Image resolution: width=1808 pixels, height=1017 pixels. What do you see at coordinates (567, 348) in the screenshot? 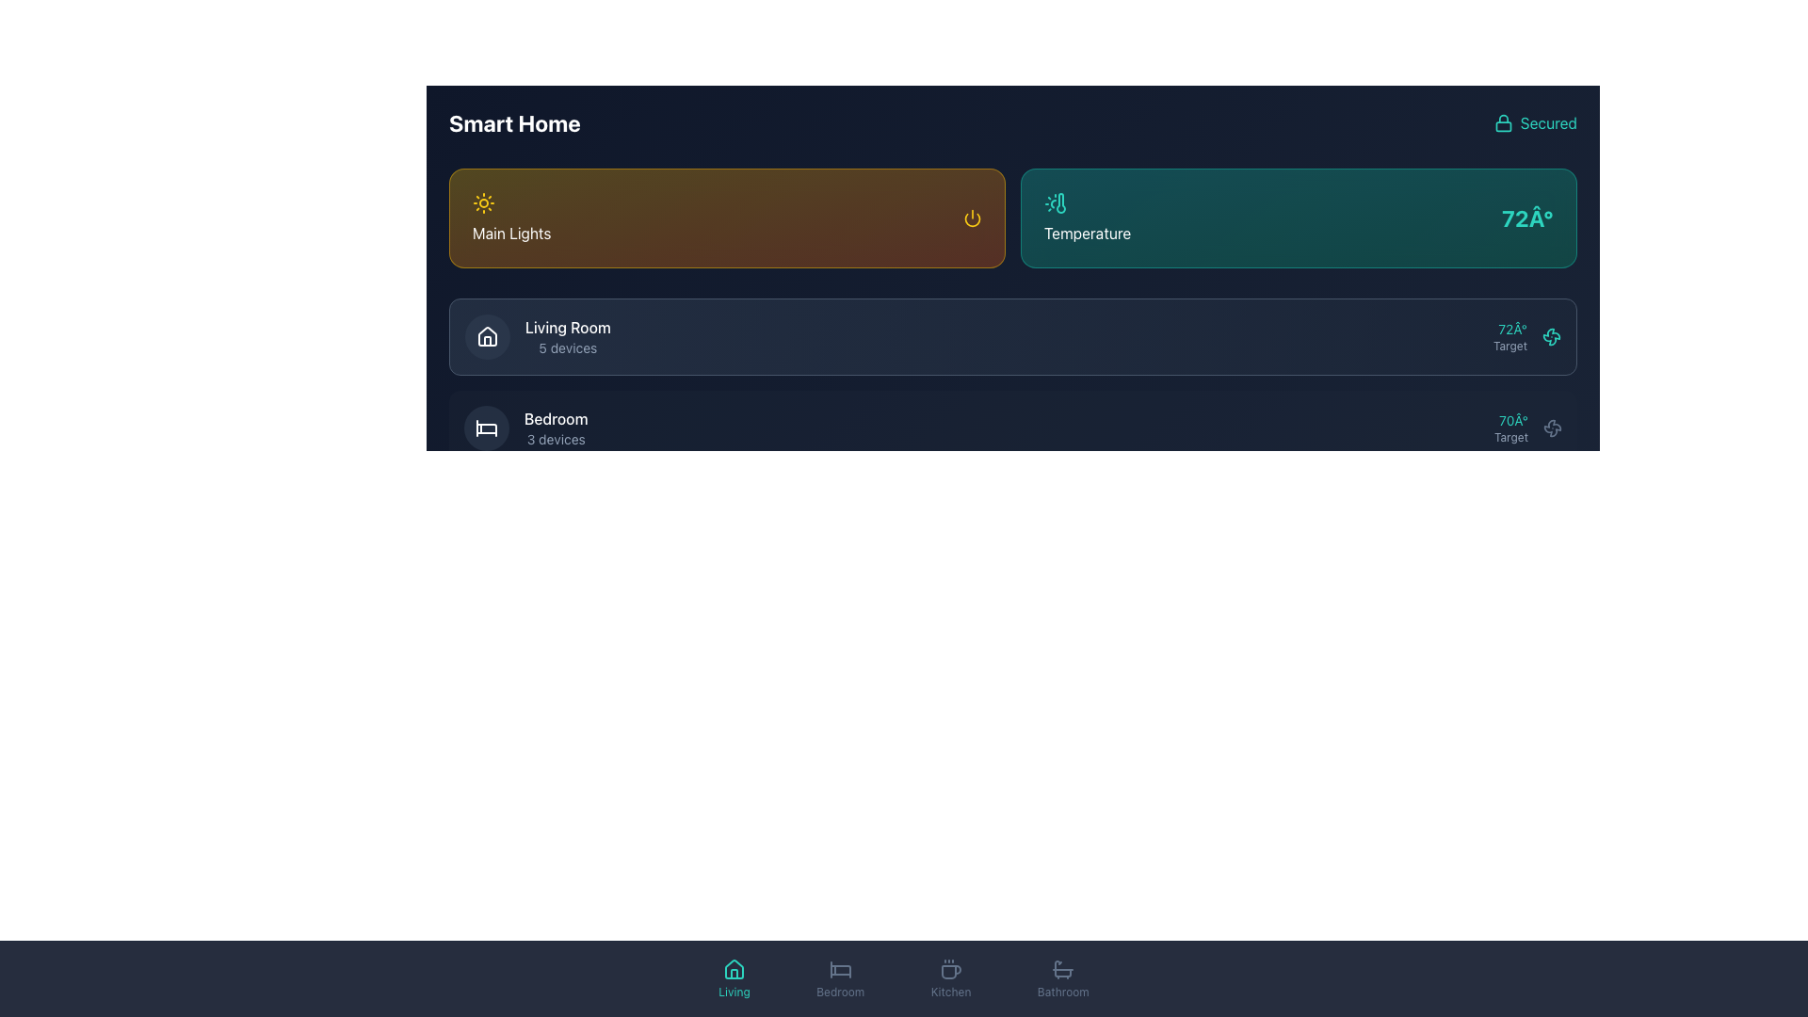
I see `the label indicating the number of devices associated with the 'Living Room'` at bounding box center [567, 348].